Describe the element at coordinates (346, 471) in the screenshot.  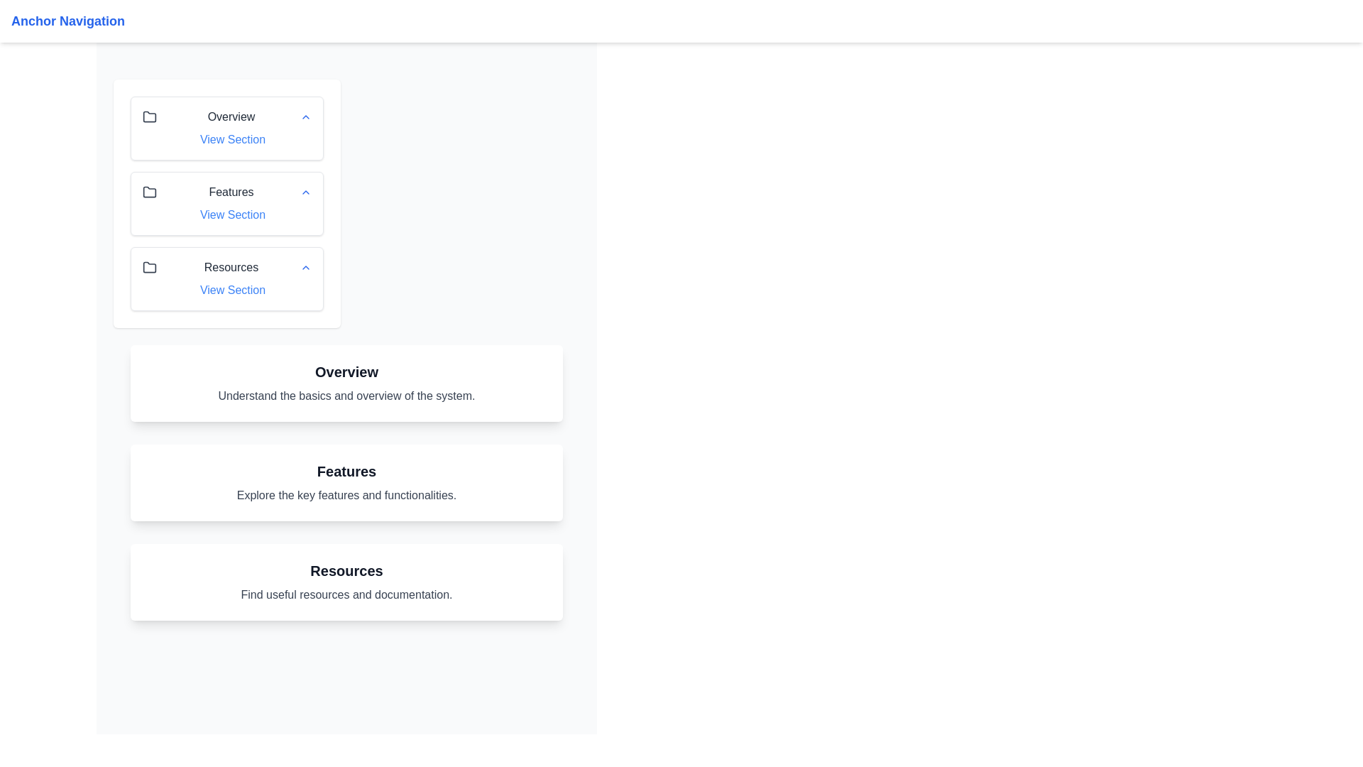
I see `the bold, black-colored text labeled 'Features', which is centered beneath the header 'Overview'` at that location.